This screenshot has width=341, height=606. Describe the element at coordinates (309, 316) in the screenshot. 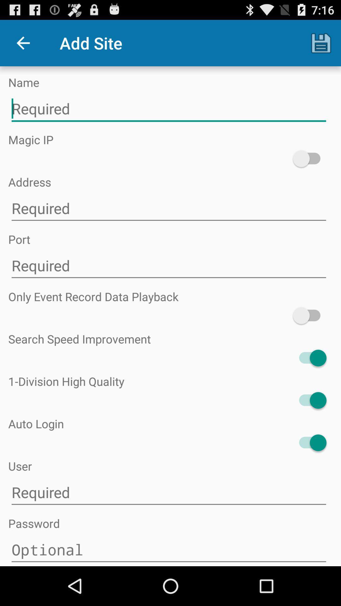

I see `only event record data playback` at that location.